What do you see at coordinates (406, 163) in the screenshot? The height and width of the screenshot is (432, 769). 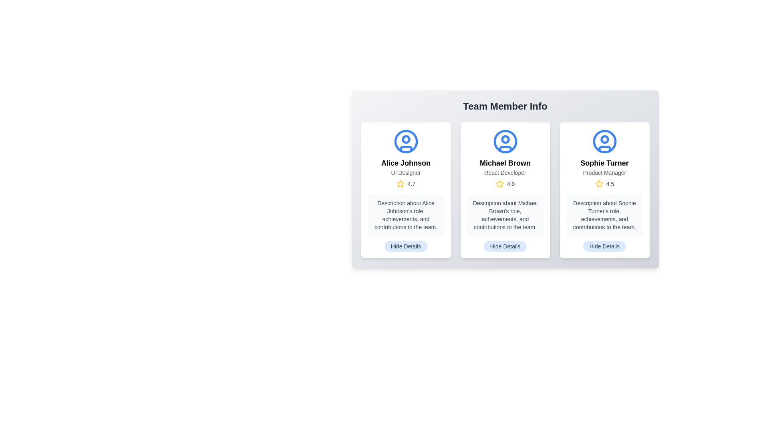 I see `the text label indicating the name of the individual in the first card of the team members grid` at bounding box center [406, 163].